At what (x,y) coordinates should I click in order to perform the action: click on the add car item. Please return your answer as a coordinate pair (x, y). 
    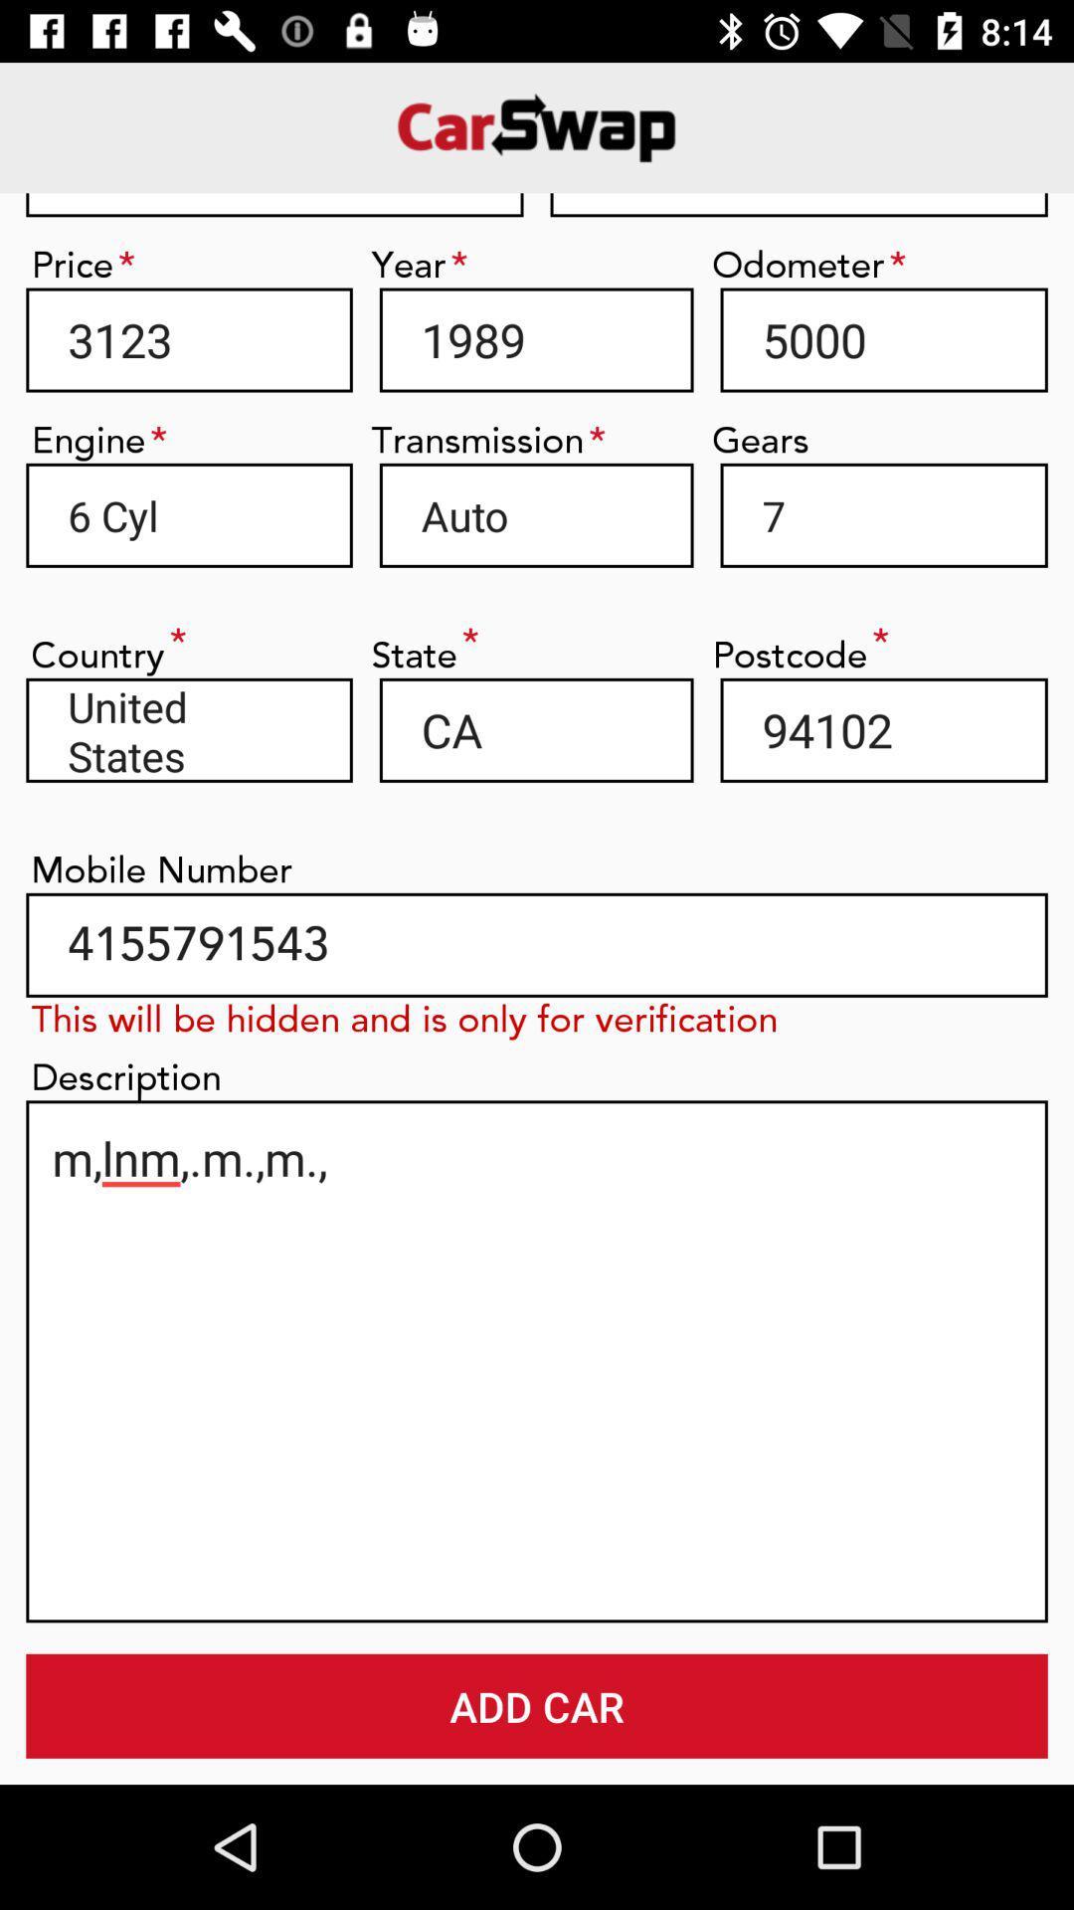
    Looking at the image, I should click on (537, 1705).